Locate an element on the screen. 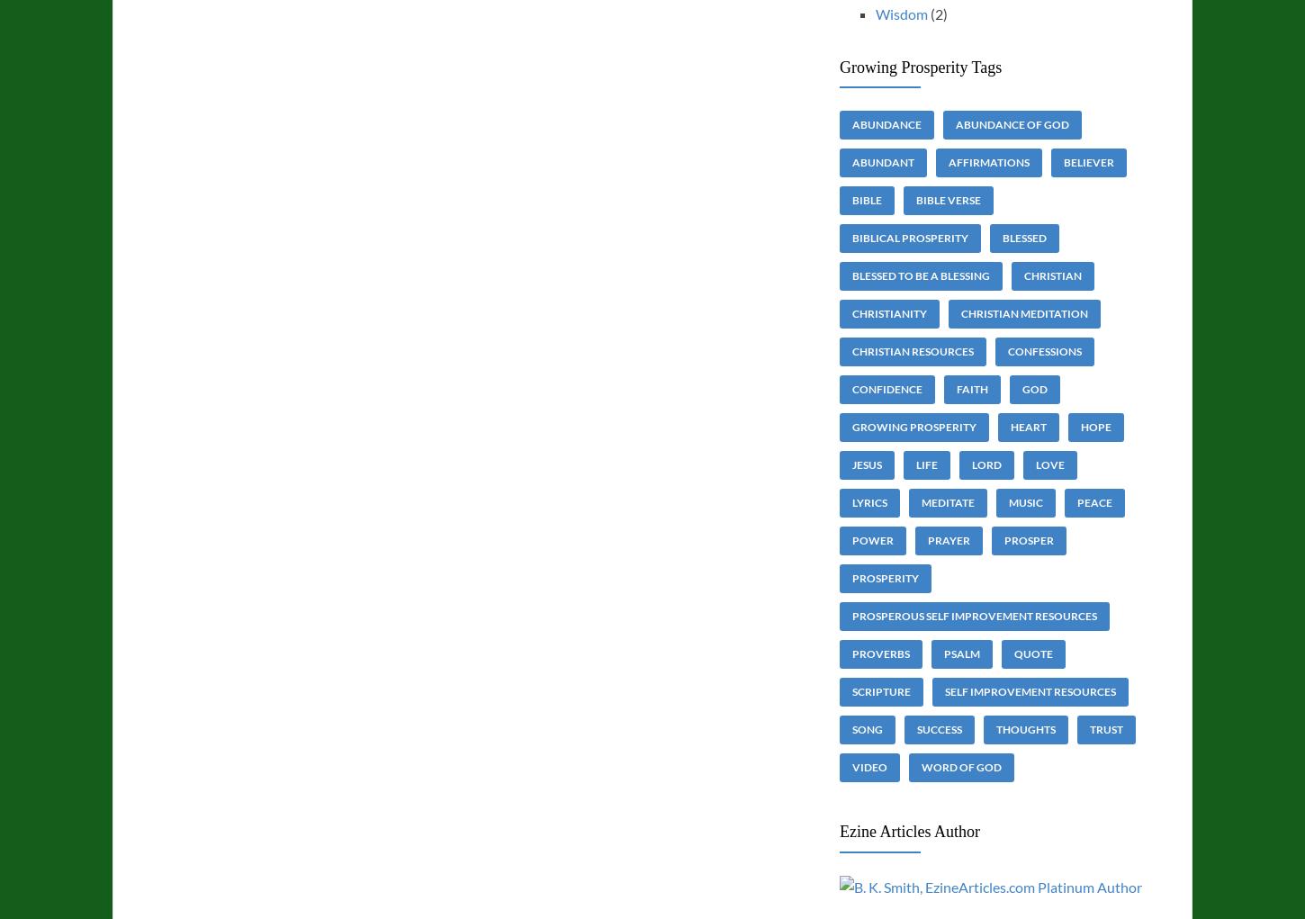  'meditate' is located at coordinates (947, 501).